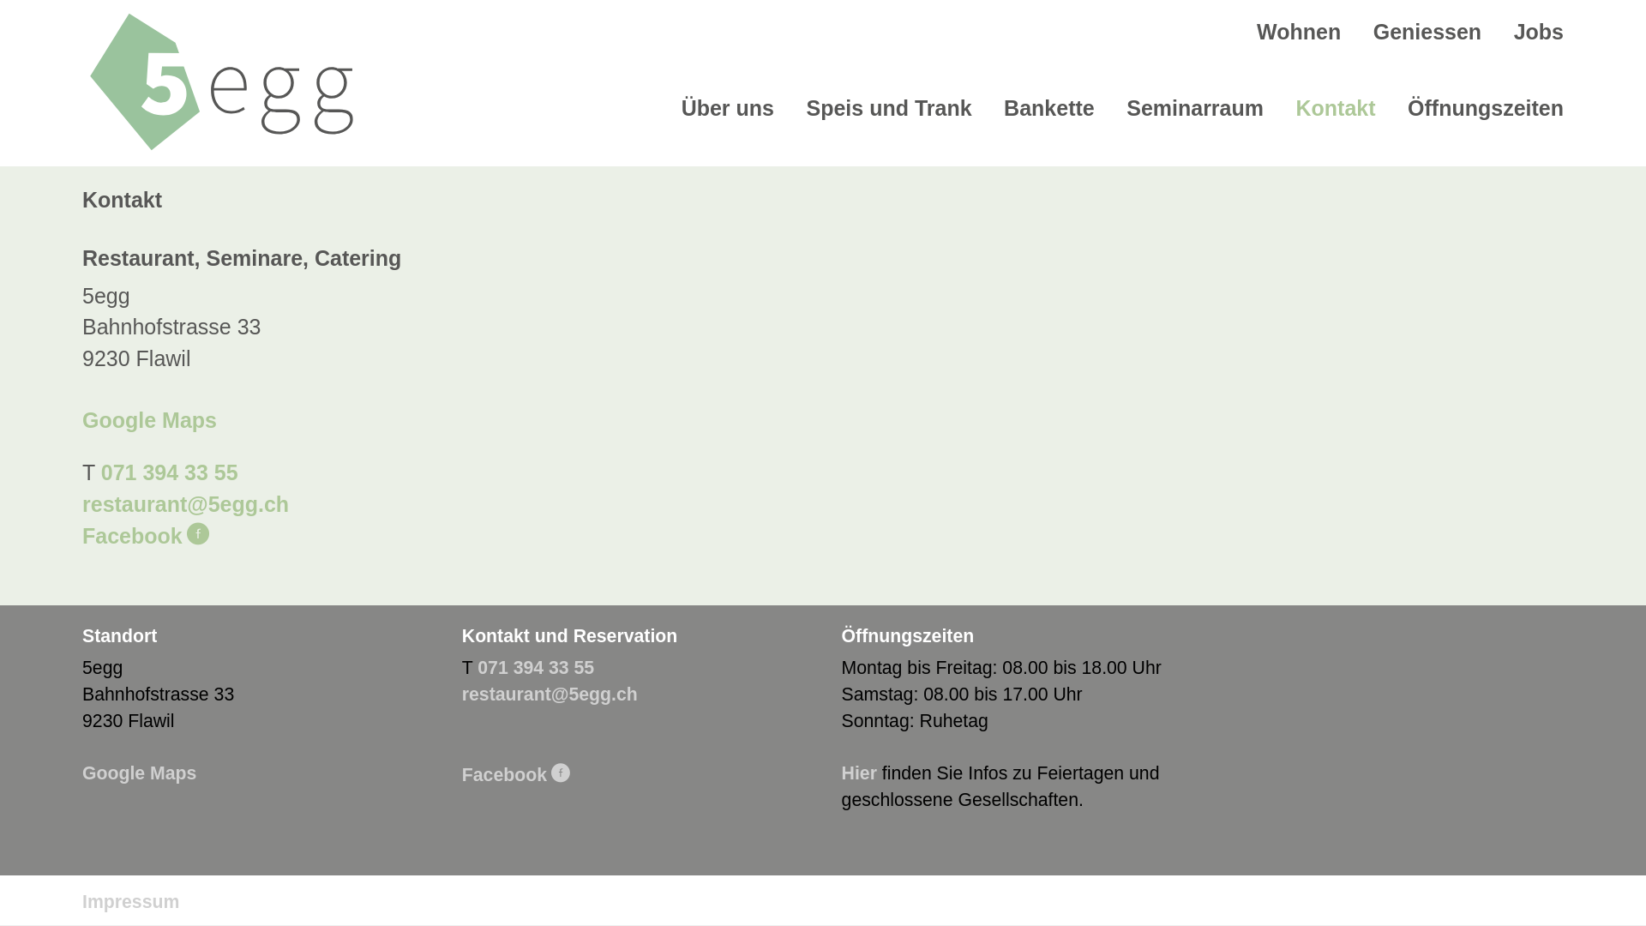  What do you see at coordinates (129, 901) in the screenshot?
I see `'Impressum'` at bounding box center [129, 901].